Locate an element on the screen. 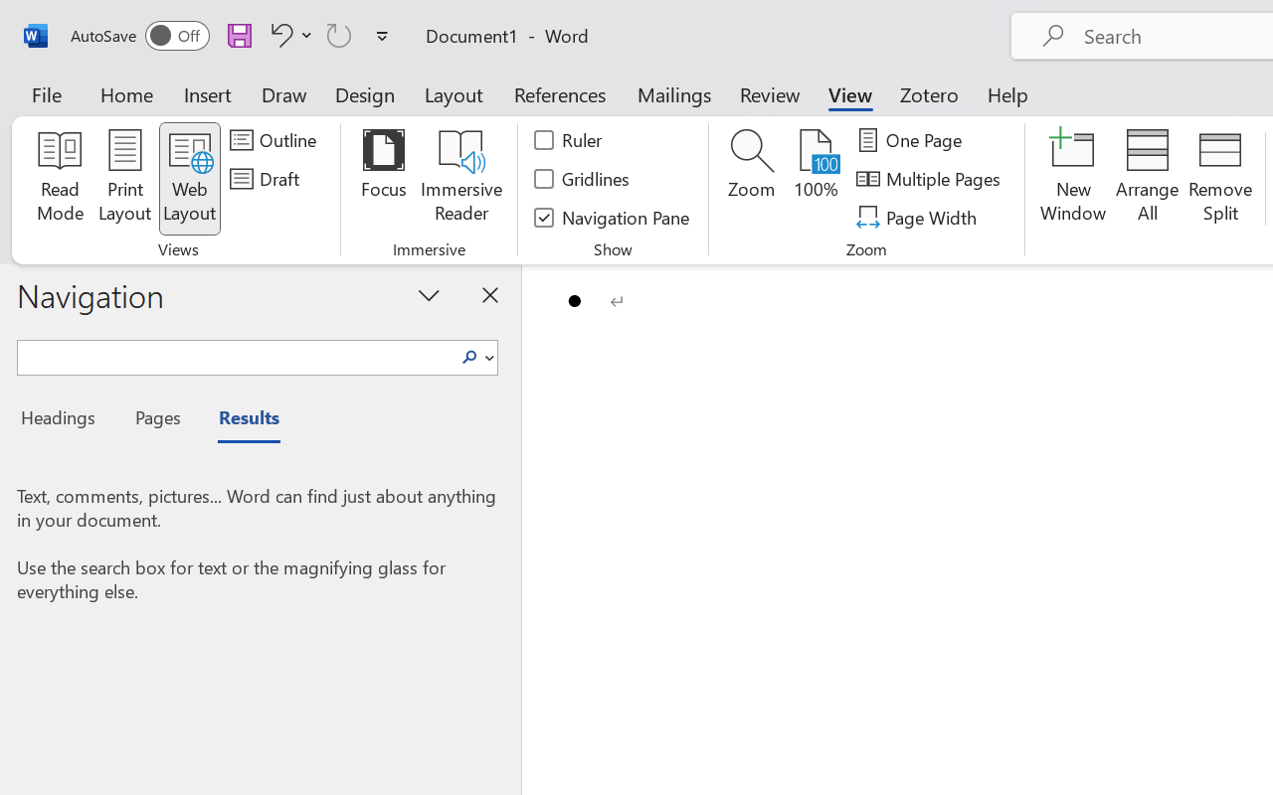 The height and width of the screenshot is (795, 1273). 'Undo Bullet Default' is located at coordinates (287, 34).